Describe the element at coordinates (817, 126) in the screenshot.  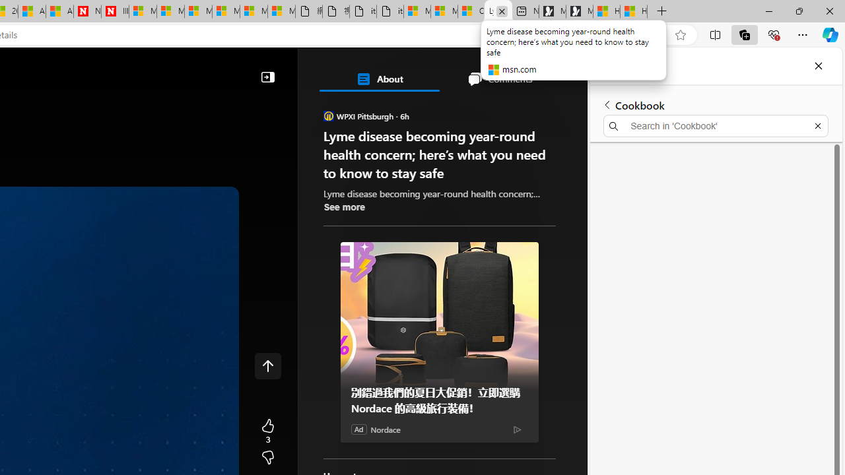
I see `'Exit search'` at that location.